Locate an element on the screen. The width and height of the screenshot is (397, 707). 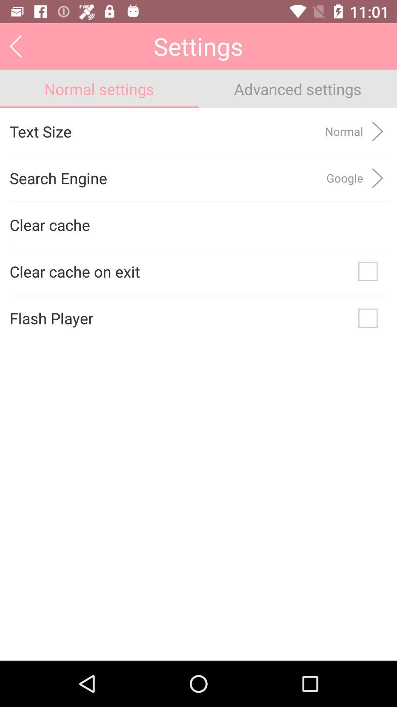
flash player is located at coordinates (368, 318).